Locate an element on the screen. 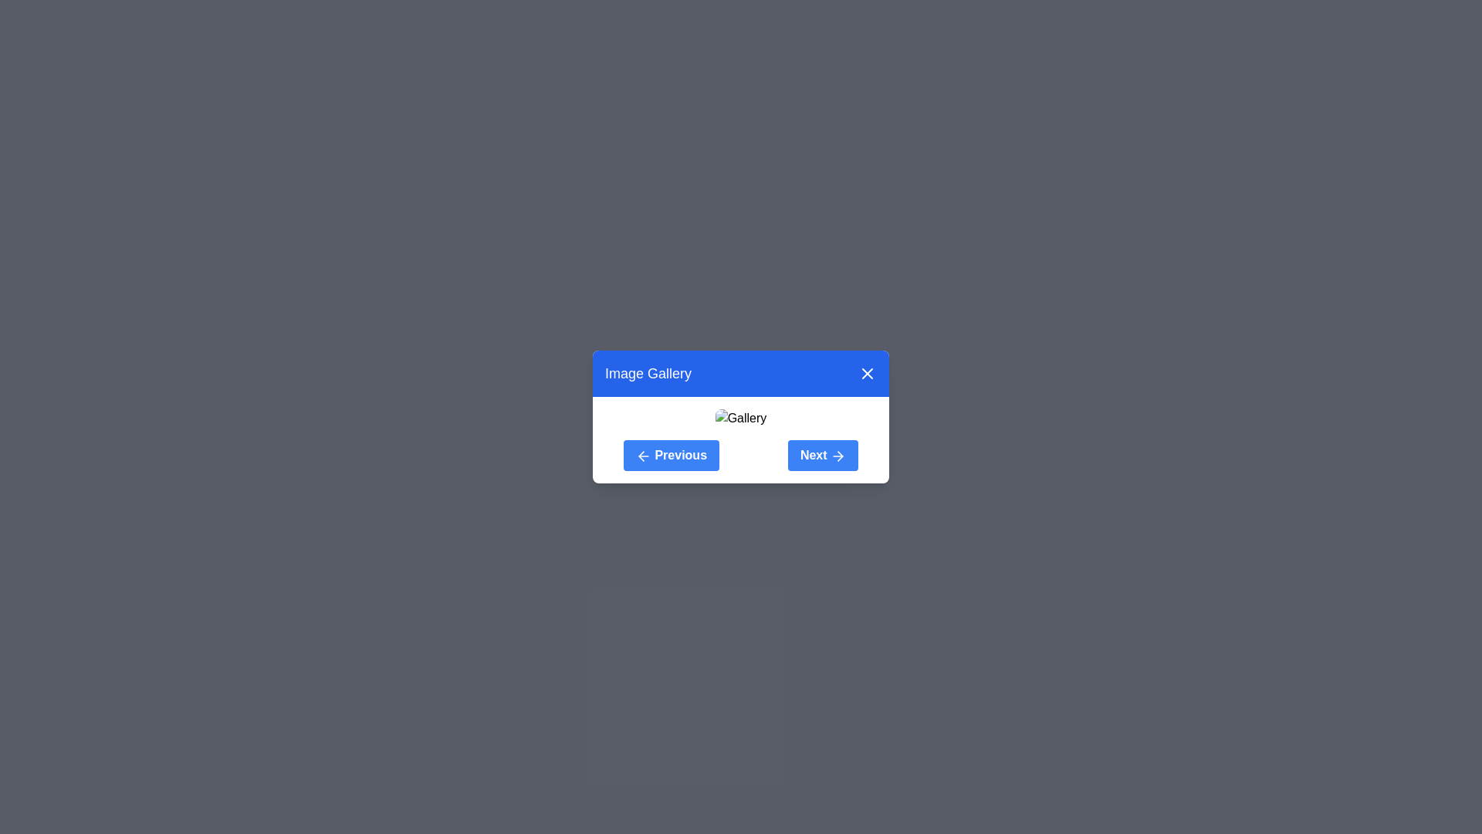 Image resolution: width=1482 pixels, height=834 pixels. the close button to close the gallery dialog is located at coordinates (867, 373).